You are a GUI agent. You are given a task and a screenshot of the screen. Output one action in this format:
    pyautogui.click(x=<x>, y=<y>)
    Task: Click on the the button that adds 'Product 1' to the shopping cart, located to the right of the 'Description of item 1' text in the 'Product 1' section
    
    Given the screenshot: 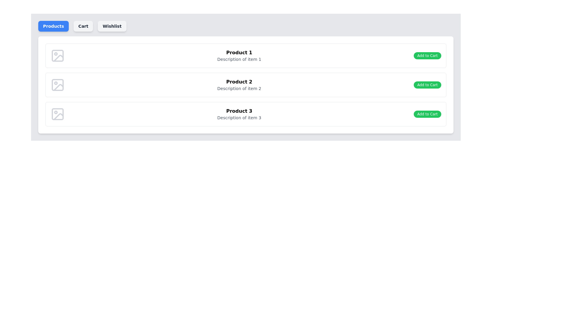 What is the action you would take?
    pyautogui.click(x=427, y=55)
    